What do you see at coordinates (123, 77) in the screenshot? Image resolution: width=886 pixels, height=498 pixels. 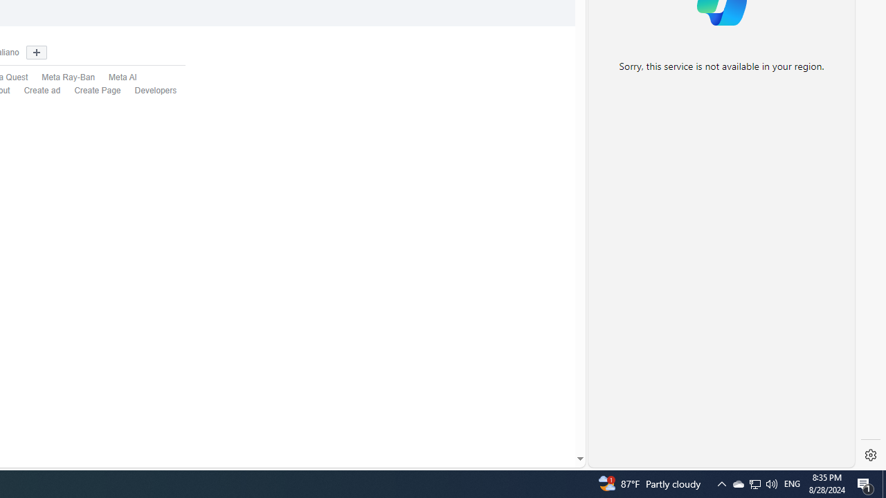 I see `'Meta AI'` at bounding box center [123, 77].